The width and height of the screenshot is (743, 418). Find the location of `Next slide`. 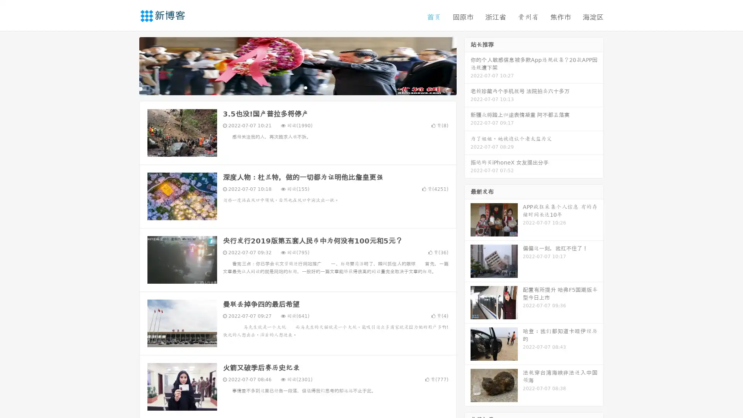

Next slide is located at coordinates (467, 65).